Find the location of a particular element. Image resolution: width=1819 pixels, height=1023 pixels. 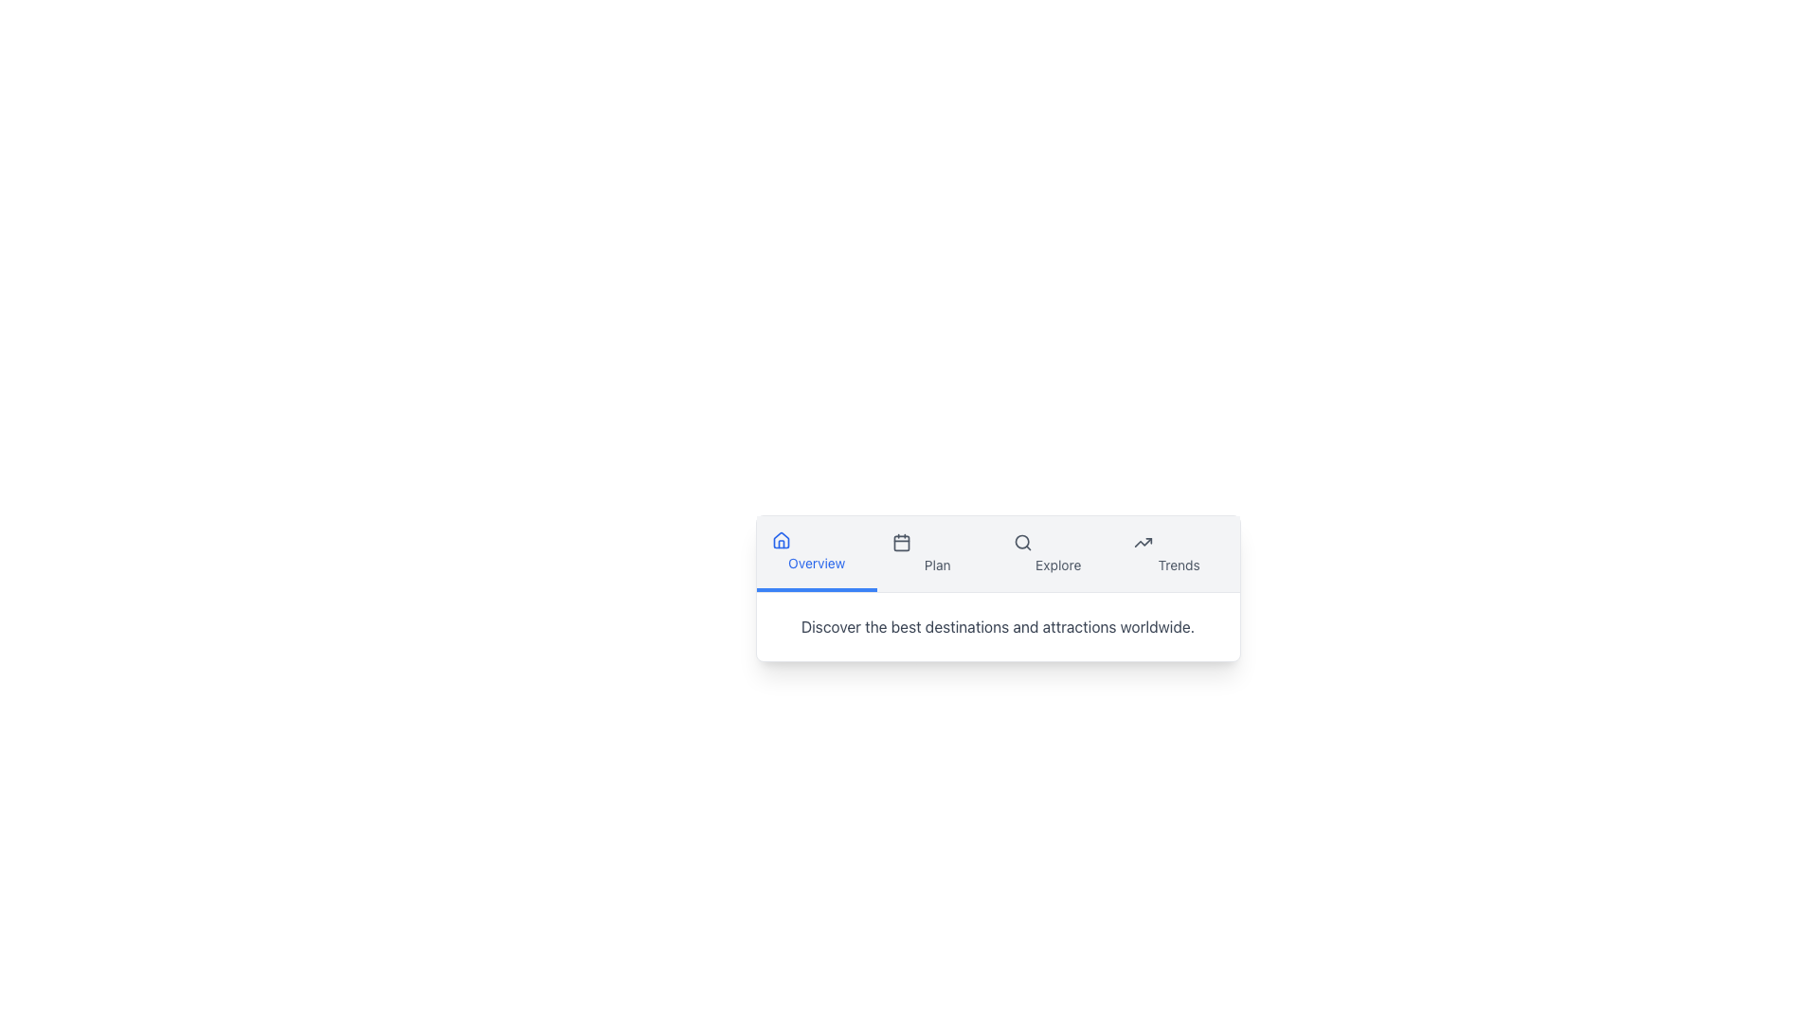

the Navigation bar which contains the tabs 'Overview,' 'Plan,' 'Explore,' and 'Trends.' is located at coordinates (997, 554).